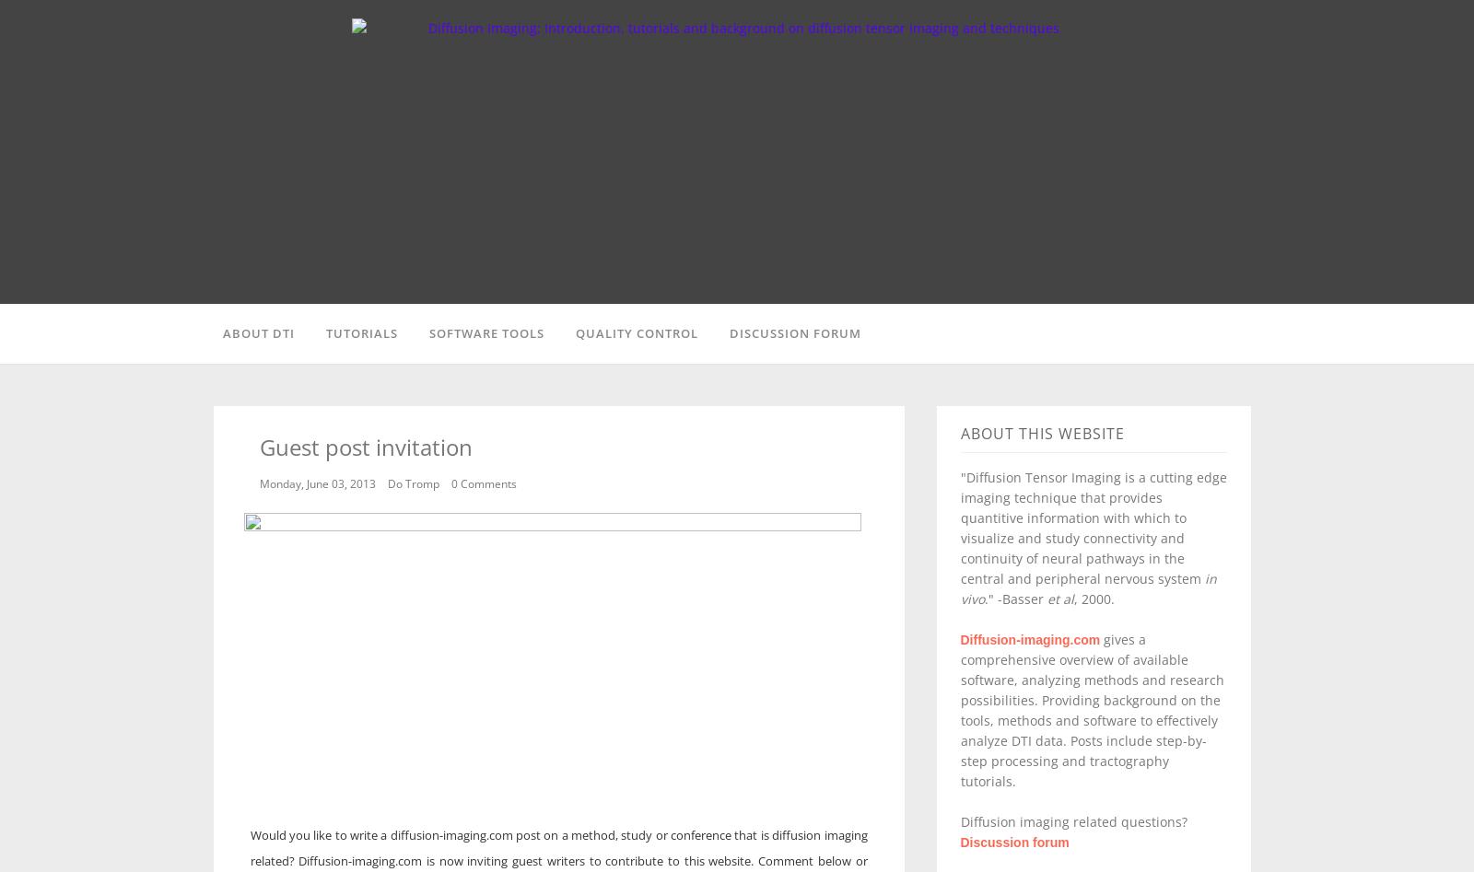  Describe the element at coordinates (413, 483) in the screenshot. I see `'Do Tromp'` at that location.